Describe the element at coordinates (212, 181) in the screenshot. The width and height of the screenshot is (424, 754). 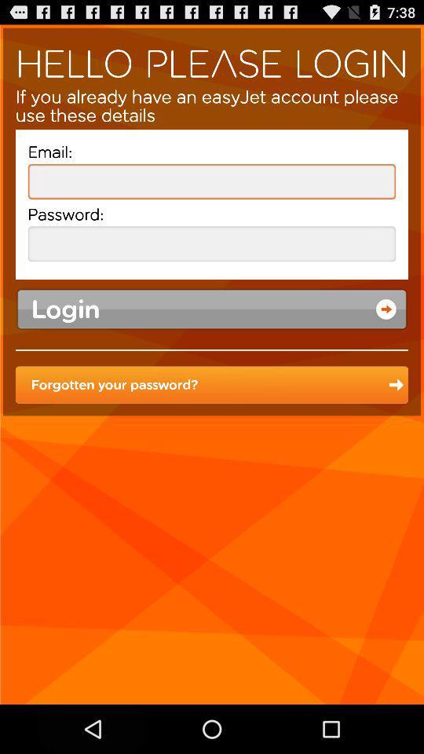
I see `typing space` at that location.